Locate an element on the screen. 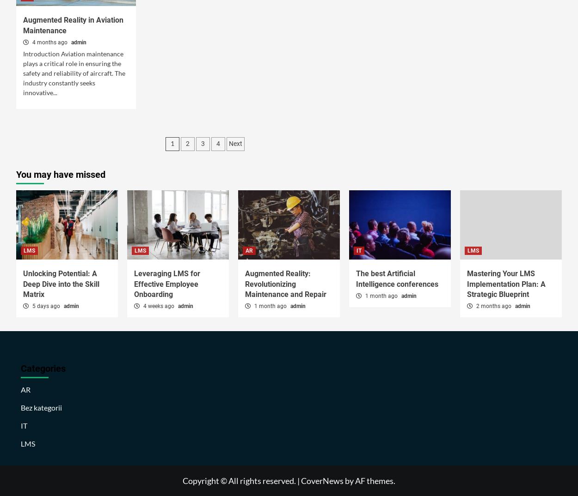  '2' is located at coordinates (187, 144).